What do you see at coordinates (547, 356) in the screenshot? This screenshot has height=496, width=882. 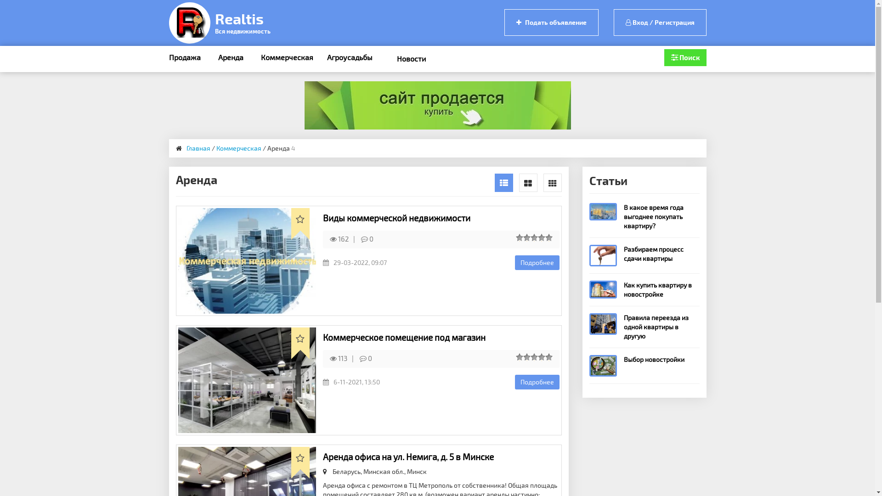 I see `'5'` at bounding box center [547, 356].